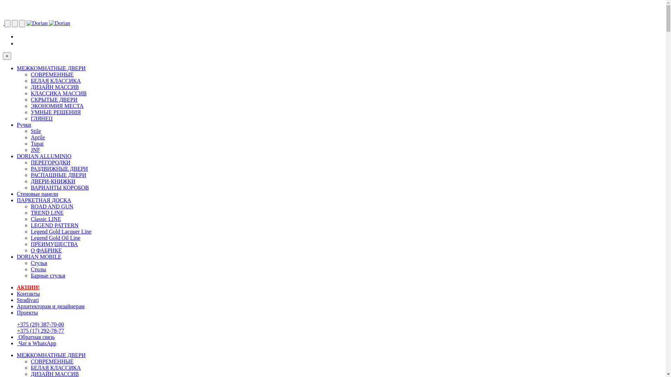 The height and width of the screenshot is (377, 671). What do you see at coordinates (35, 131) in the screenshot?
I see `'Stile'` at bounding box center [35, 131].